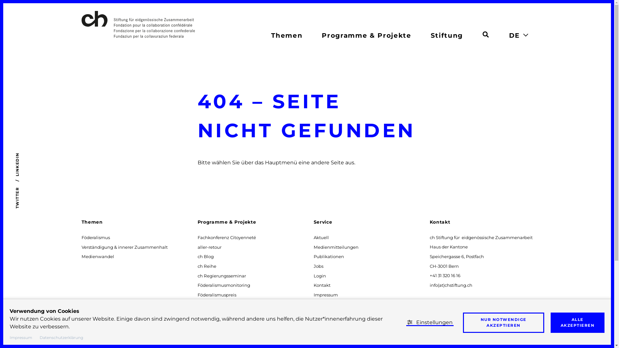  I want to click on 'aller-retour', so click(209, 247).